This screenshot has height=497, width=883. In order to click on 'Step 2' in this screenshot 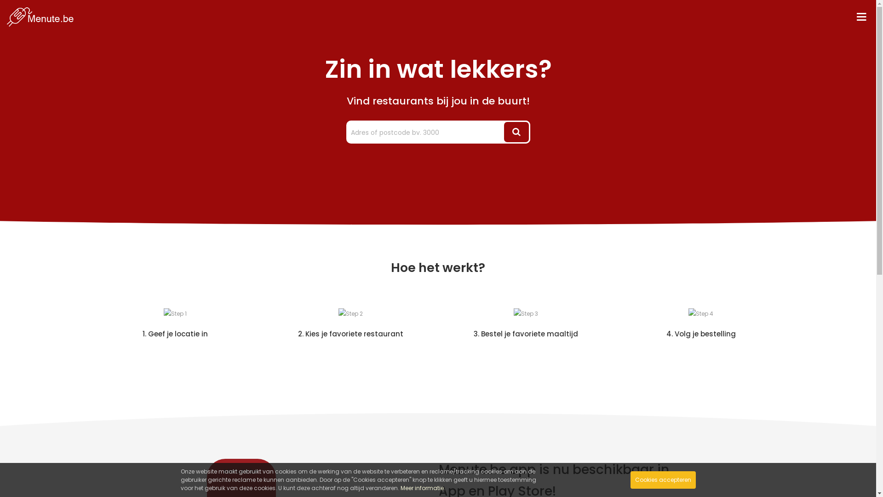, I will do `click(350, 313)`.